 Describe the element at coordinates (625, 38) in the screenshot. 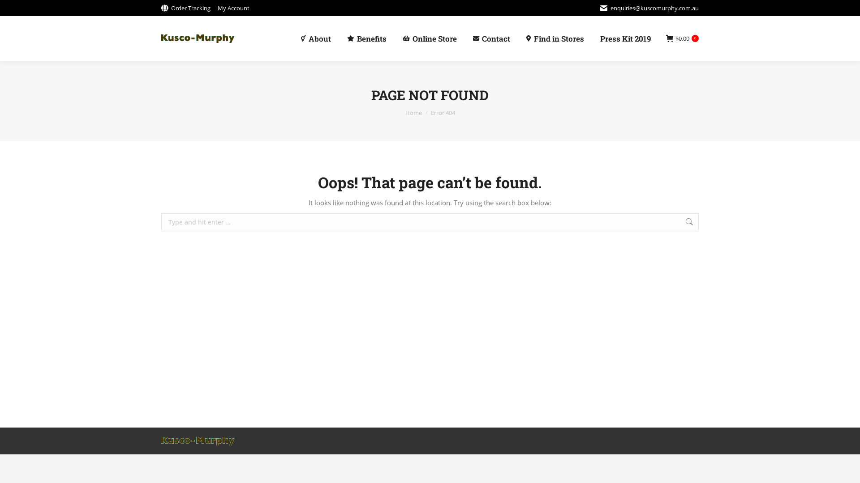

I see `'Press Kit 2019'` at that location.